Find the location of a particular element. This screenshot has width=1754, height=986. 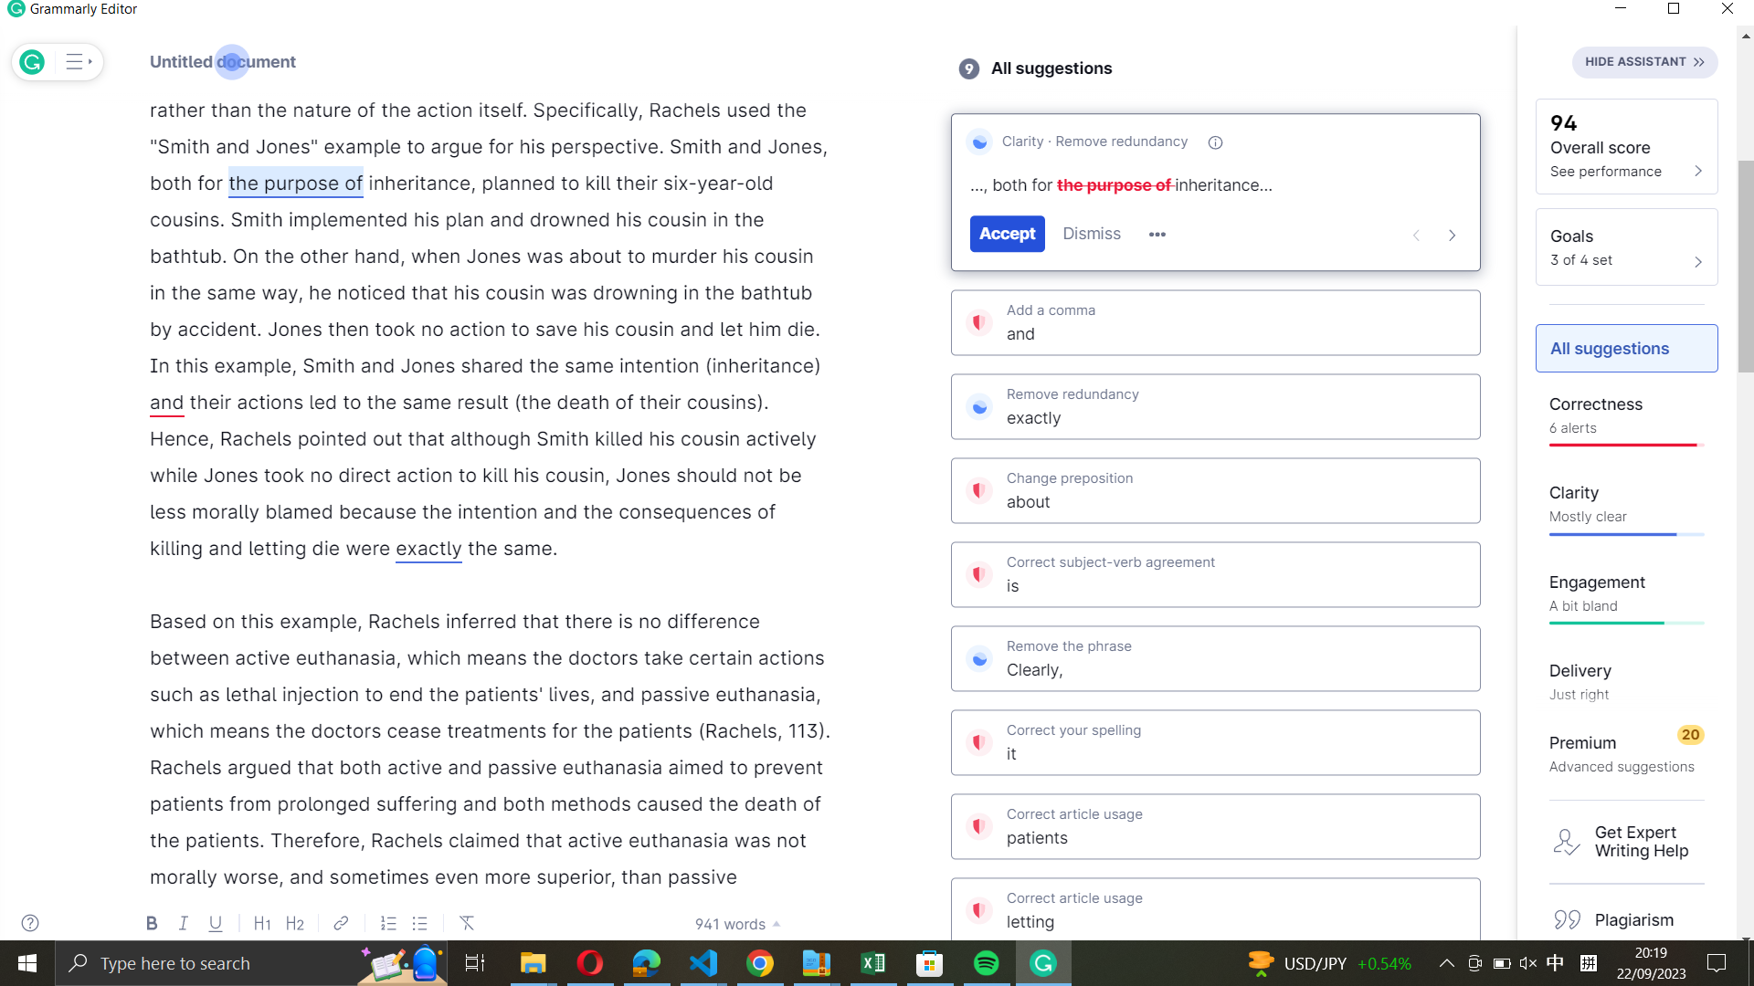

Extract the word "clearly" from the file text is located at coordinates (1215, 655).